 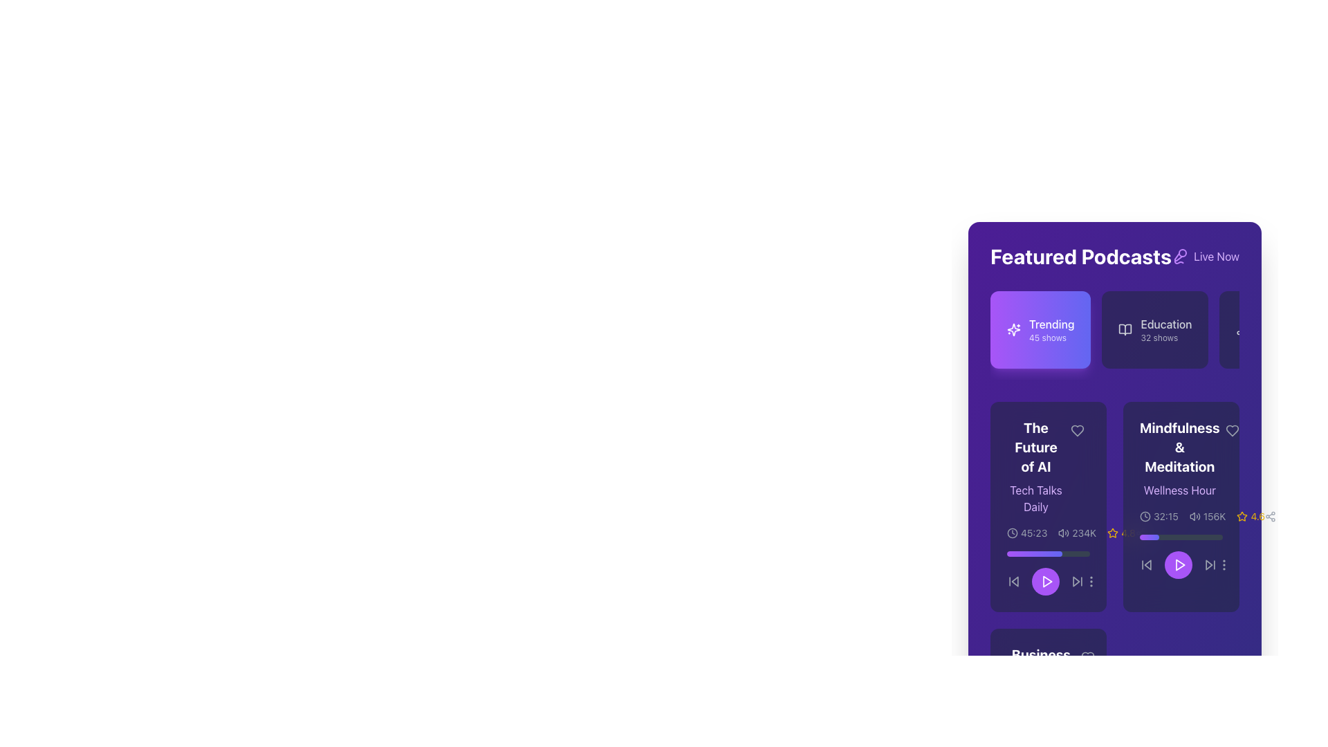 I want to click on the text label displaying '234K' adjacent to the speaker icon in the podcast card labeled 'The Future of AI' under the 'Trending' section, so click(x=1076, y=533).